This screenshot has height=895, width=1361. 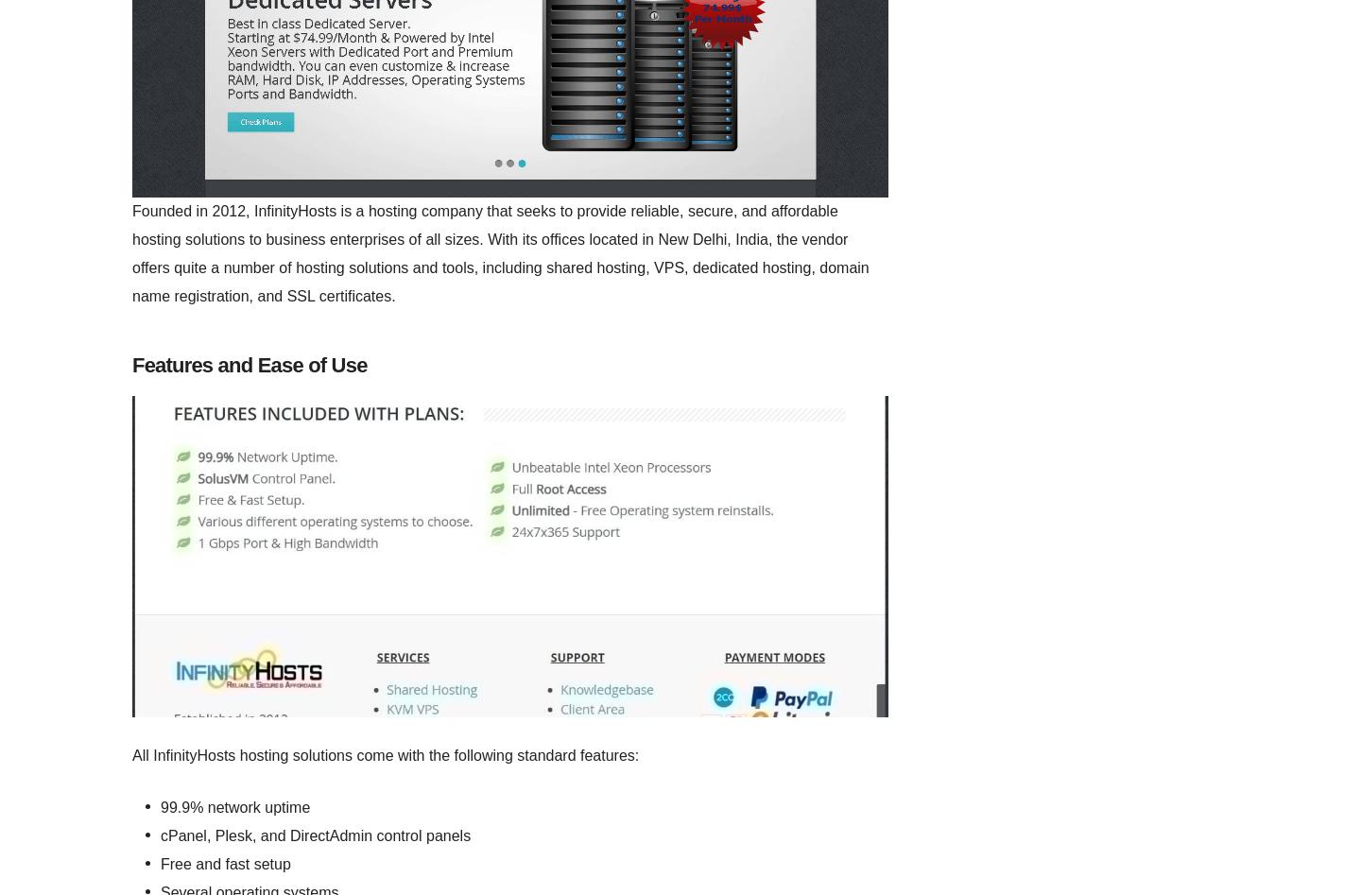 I want to click on 'A quick and easy sign-up process gets your account set up in mere moments', so click(x=138, y=580).